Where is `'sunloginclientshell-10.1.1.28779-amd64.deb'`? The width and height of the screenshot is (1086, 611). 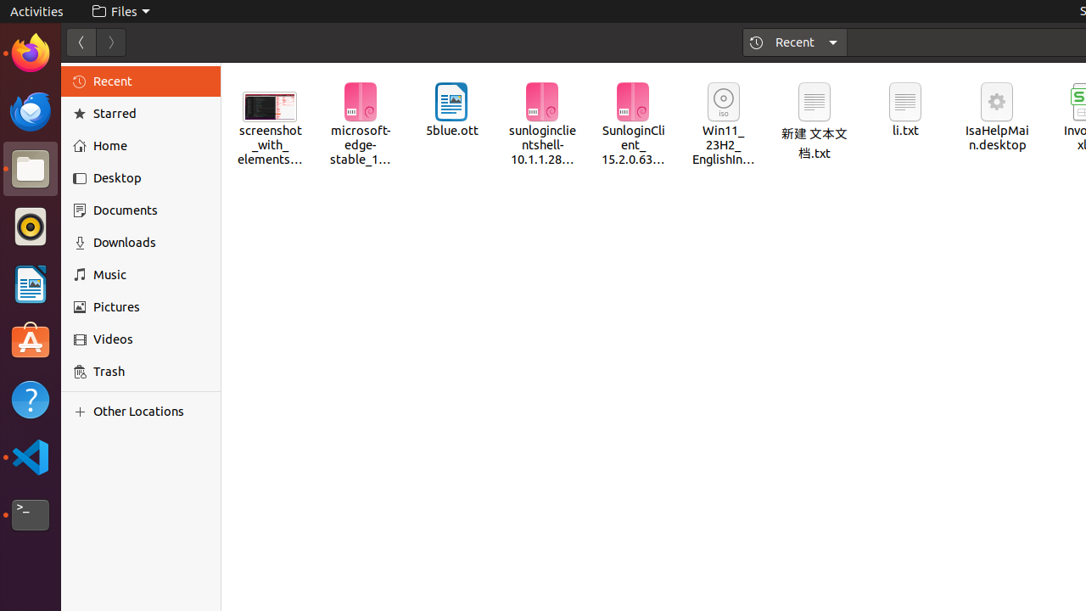 'sunloginclientshell-10.1.1.28779-amd64.deb' is located at coordinates (540, 124).